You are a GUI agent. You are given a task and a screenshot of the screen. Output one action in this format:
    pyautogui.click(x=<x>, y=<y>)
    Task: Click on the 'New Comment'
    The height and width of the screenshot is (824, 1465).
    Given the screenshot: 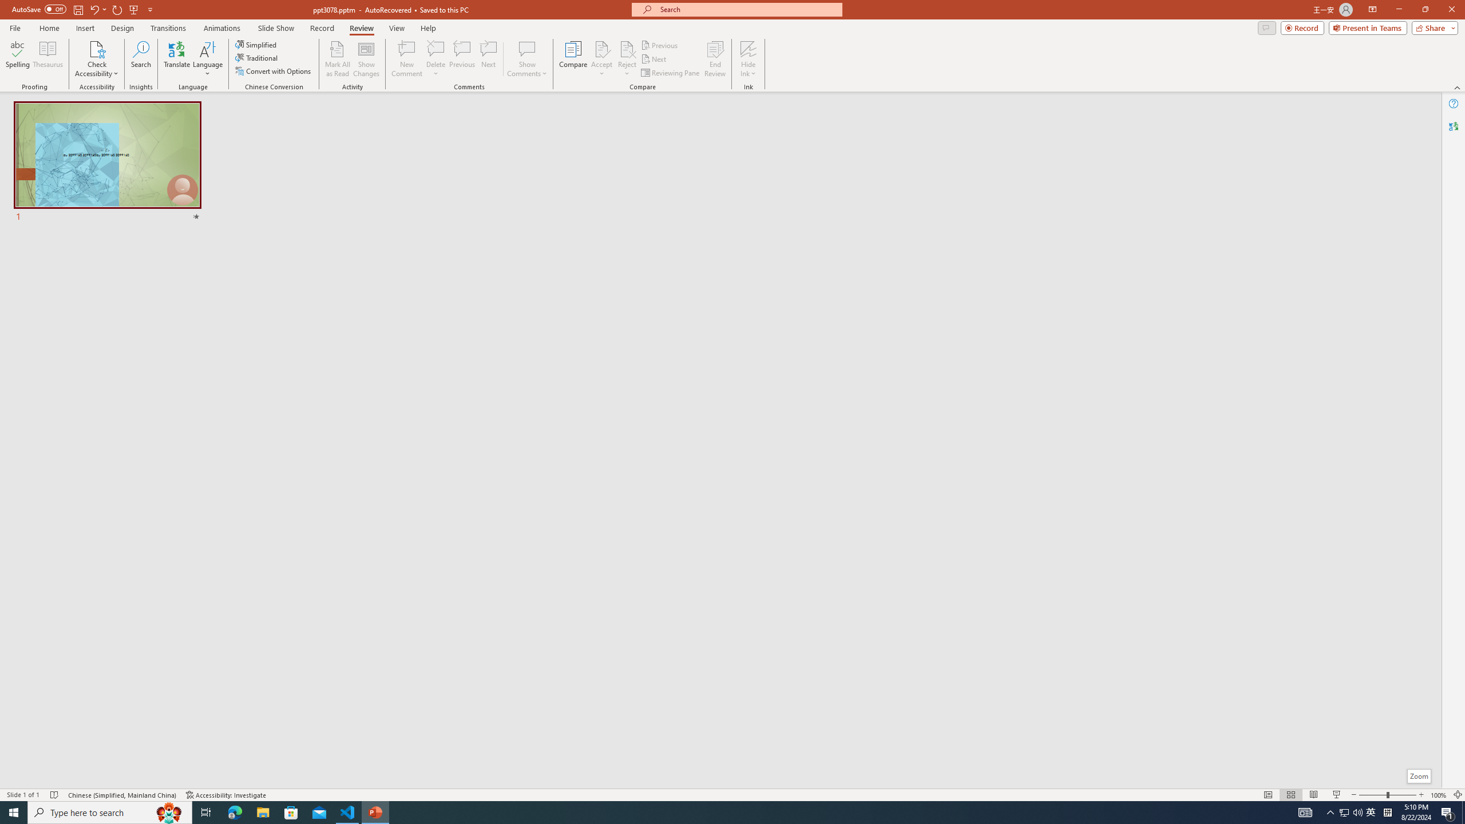 What is the action you would take?
    pyautogui.click(x=406, y=59)
    